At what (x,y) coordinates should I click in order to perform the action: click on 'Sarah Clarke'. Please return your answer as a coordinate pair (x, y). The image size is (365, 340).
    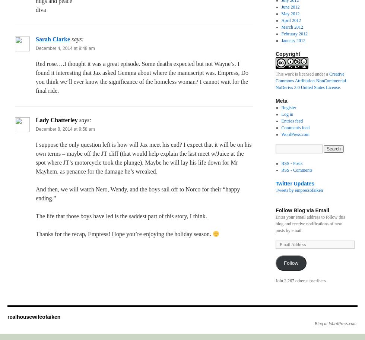
    Looking at the image, I should click on (53, 39).